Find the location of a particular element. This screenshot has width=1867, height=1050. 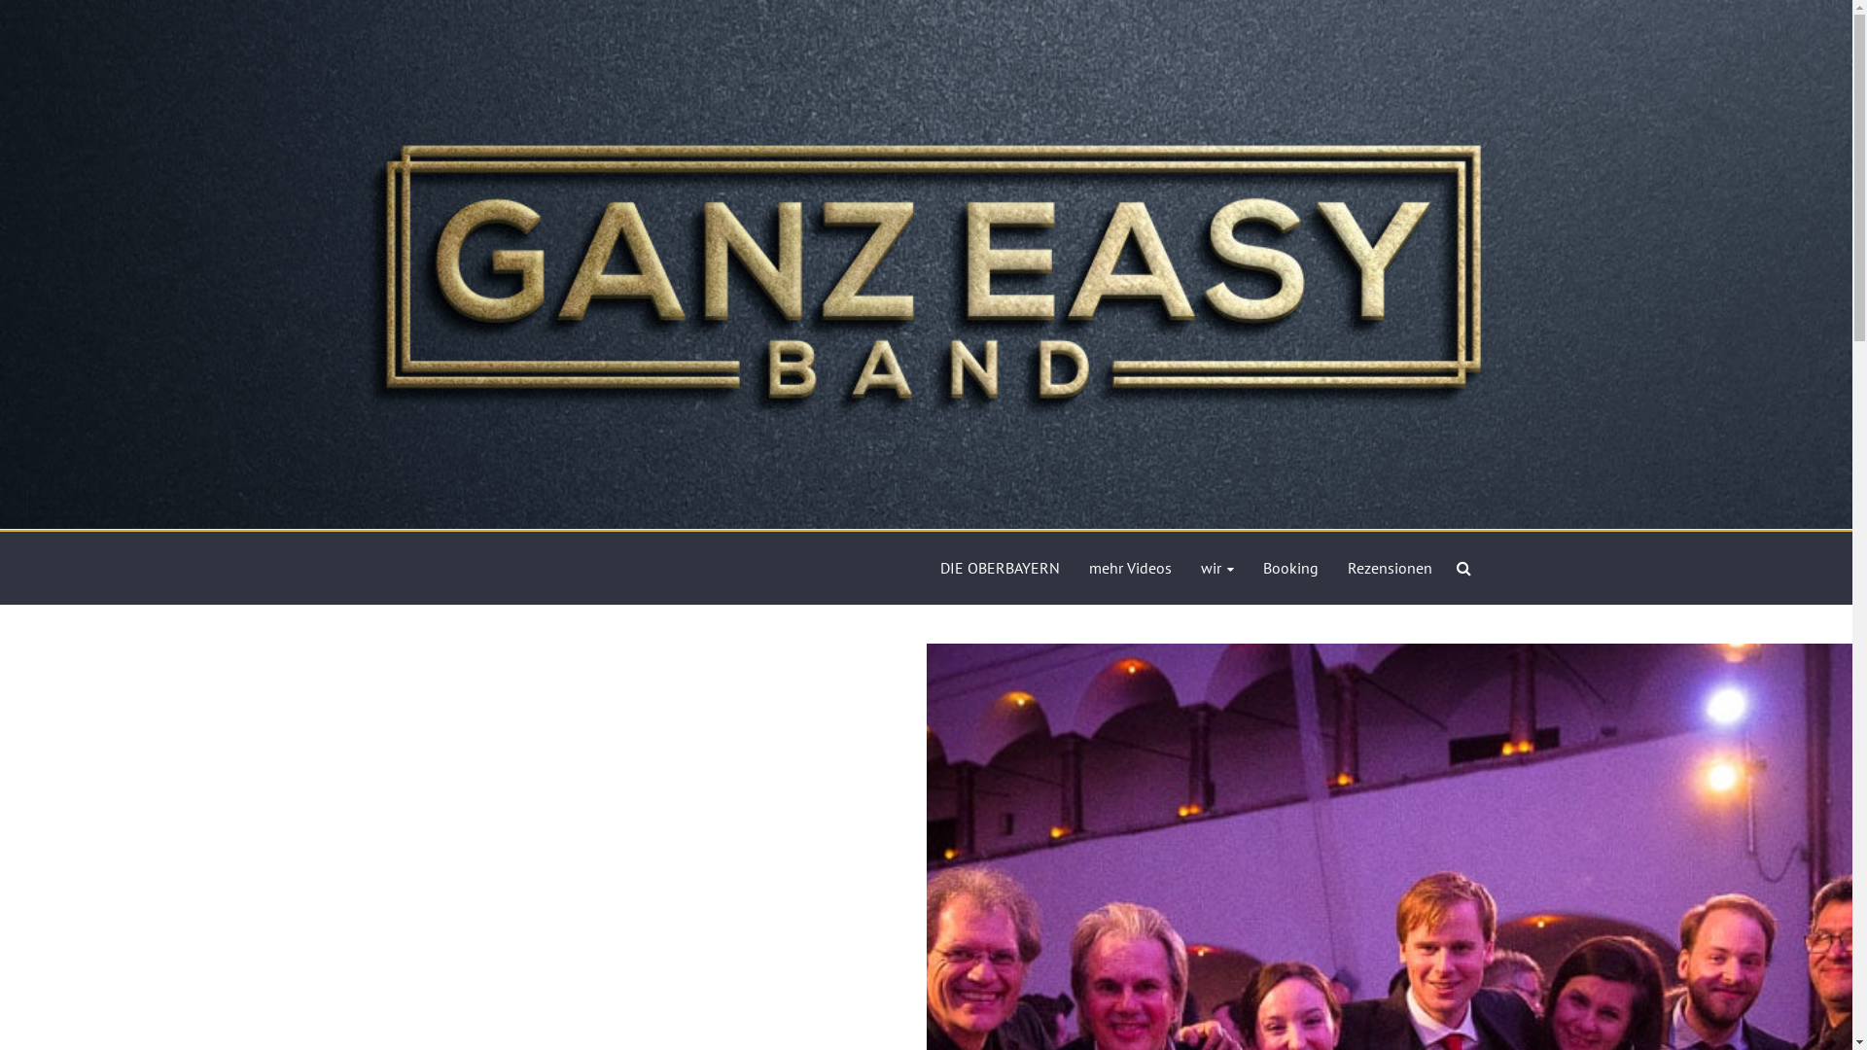

'DIE OBERBAYERN' is located at coordinates (938, 568).